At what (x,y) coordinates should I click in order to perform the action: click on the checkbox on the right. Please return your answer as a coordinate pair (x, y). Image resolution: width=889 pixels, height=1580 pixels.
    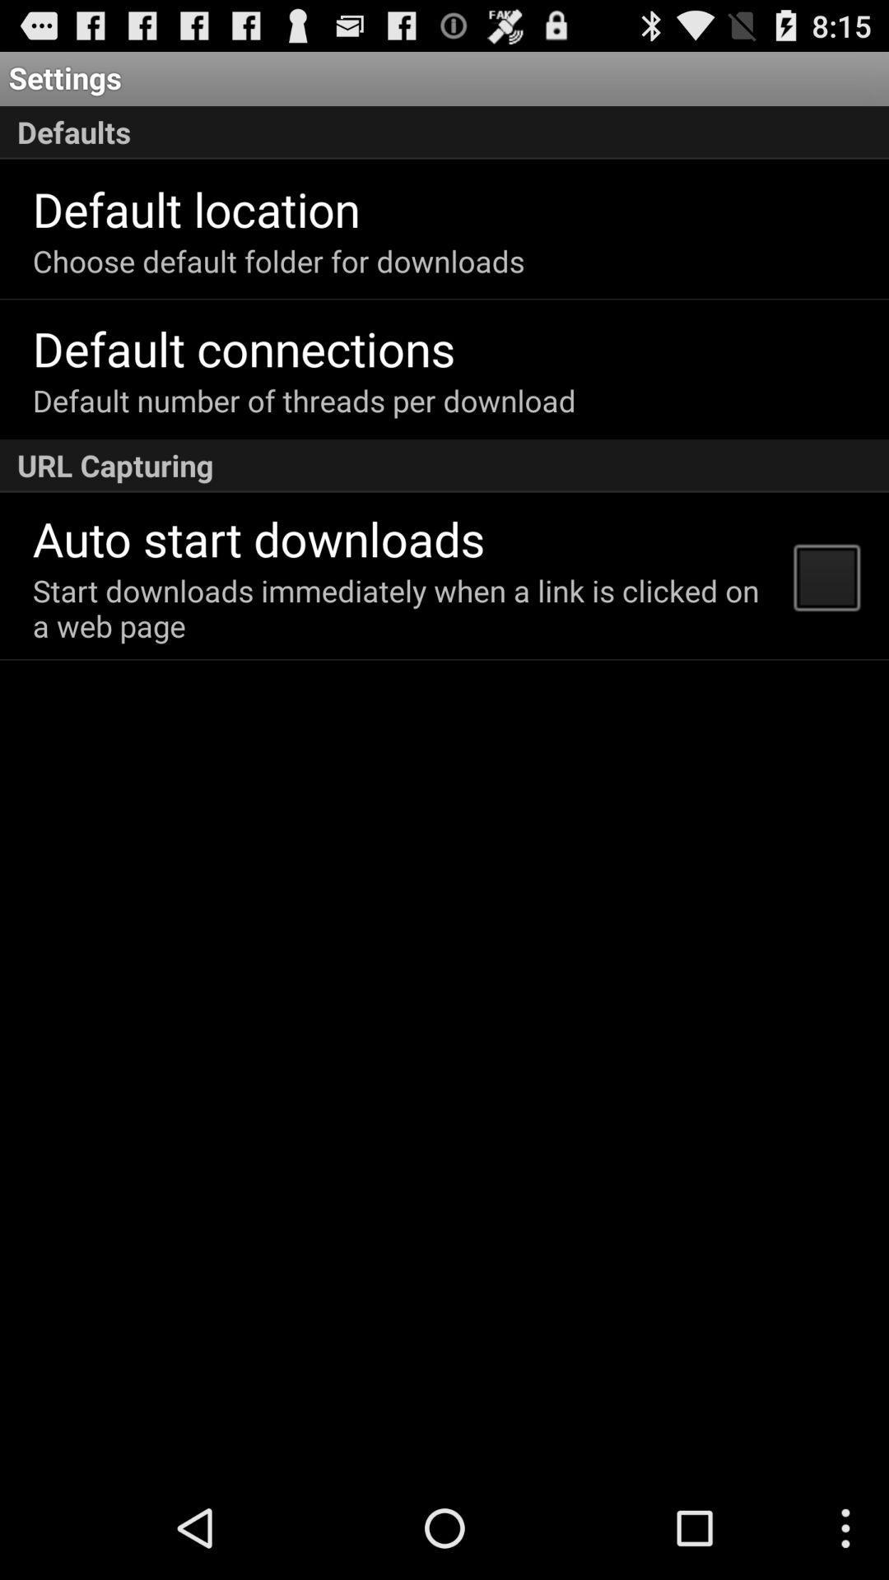
    Looking at the image, I should click on (826, 576).